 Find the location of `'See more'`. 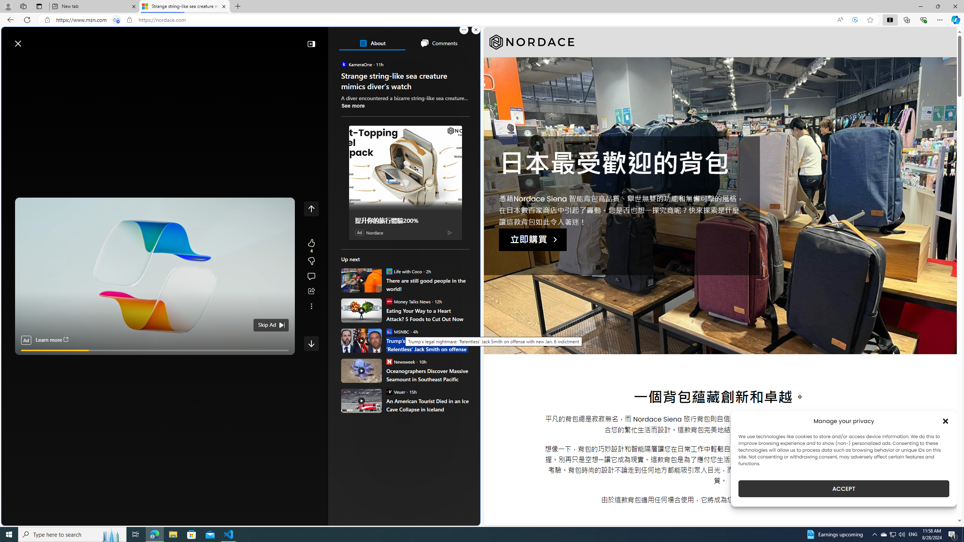

'See more' is located at coordinates (353, 105).